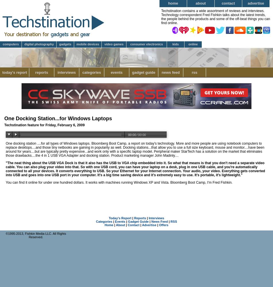 The image size is (273, 287). Describe the element at coordinates (120, 222) in the screenshot. I see `'Events'` at that location.